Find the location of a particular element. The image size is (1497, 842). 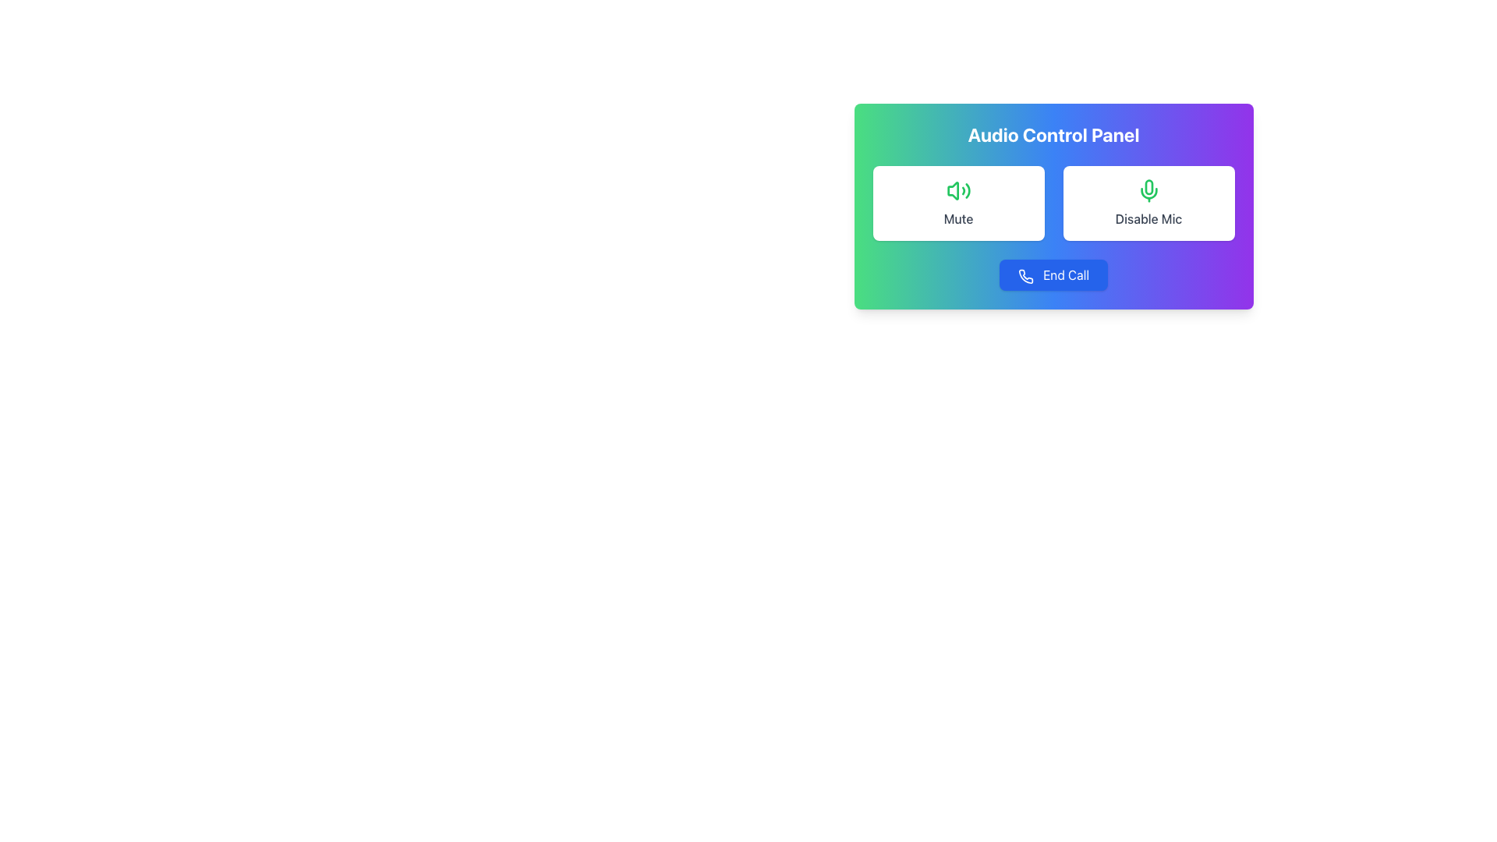

the far-right curve of the speaker icon representing sound waves in the 'Mute' icon located at the top-left corner of the audio control panel is located at coordinates (967, 190).